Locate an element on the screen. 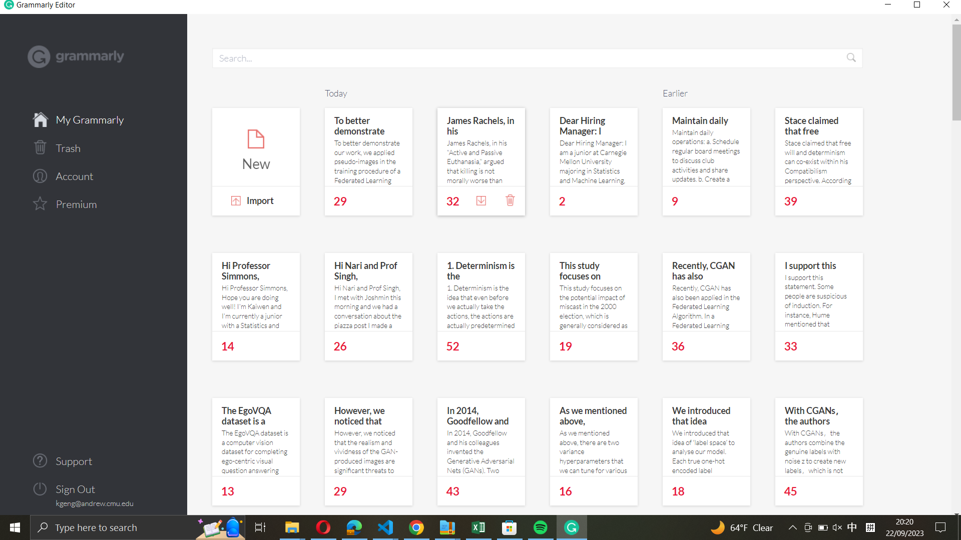  the document titled "Hi Nari and Prof Singh is located at coordinates (528, 57).